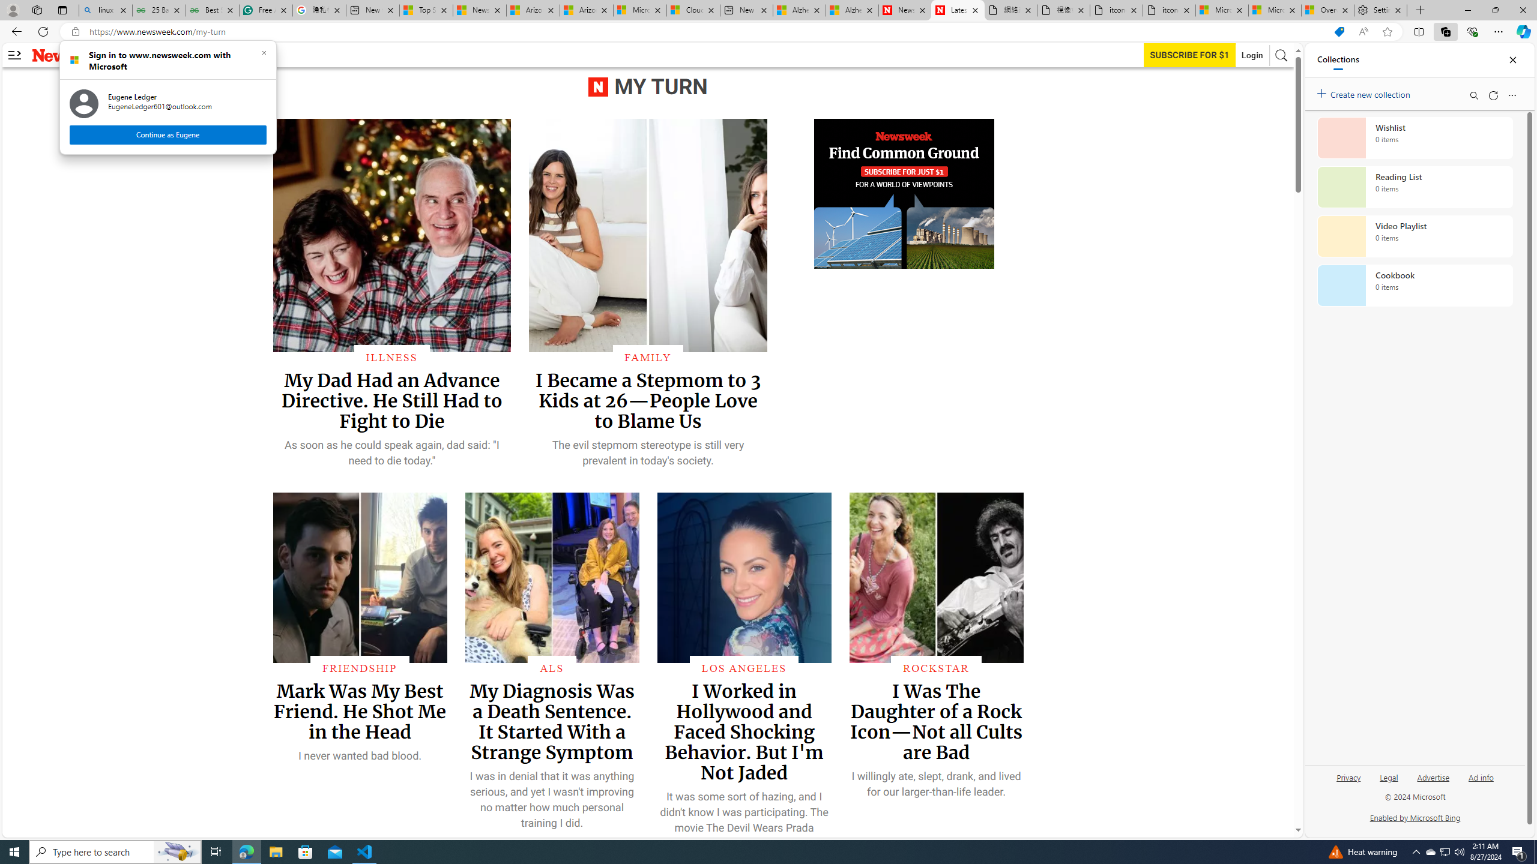 The width and height of the screenshot is (1537, 864). What do you see at coordinates (391, 356) in the screenshot?
I see `'ILLNESS'` at bounding box center [391, 356].